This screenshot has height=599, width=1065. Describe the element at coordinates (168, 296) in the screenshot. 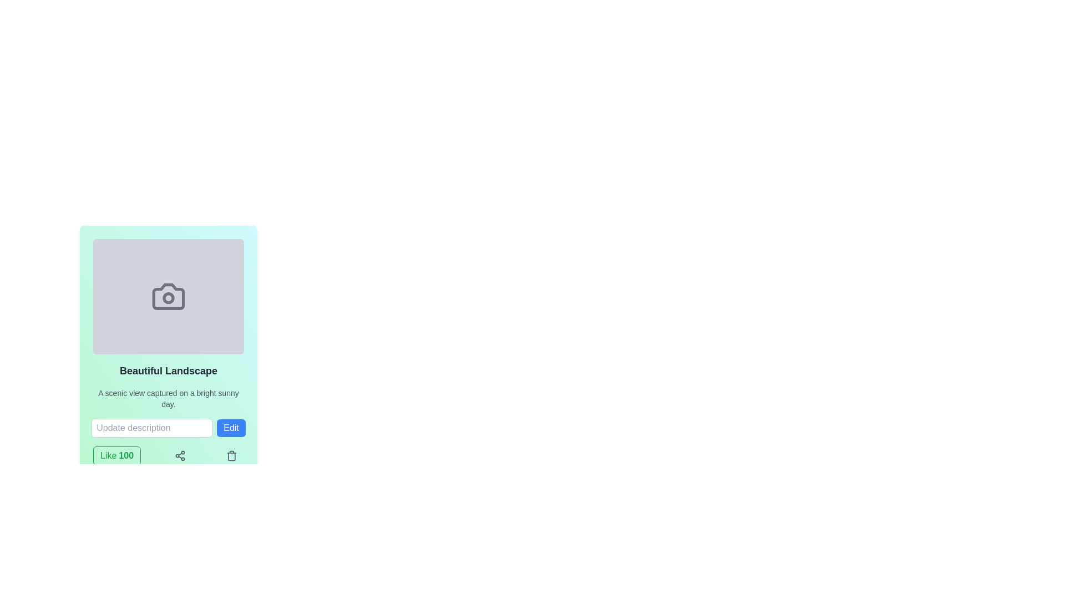

I see `the camera icon represented by a minimalistic gray design, located at the center of a card-like layout with a light green background` at that location.